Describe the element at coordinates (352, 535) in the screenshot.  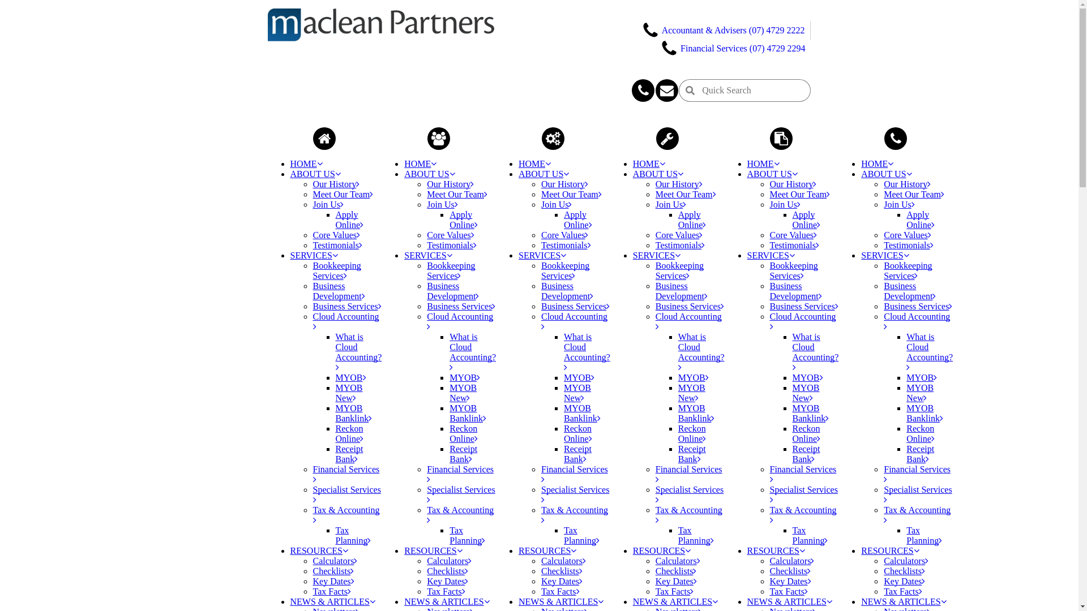
I see `'Tax Planning'` at that location.